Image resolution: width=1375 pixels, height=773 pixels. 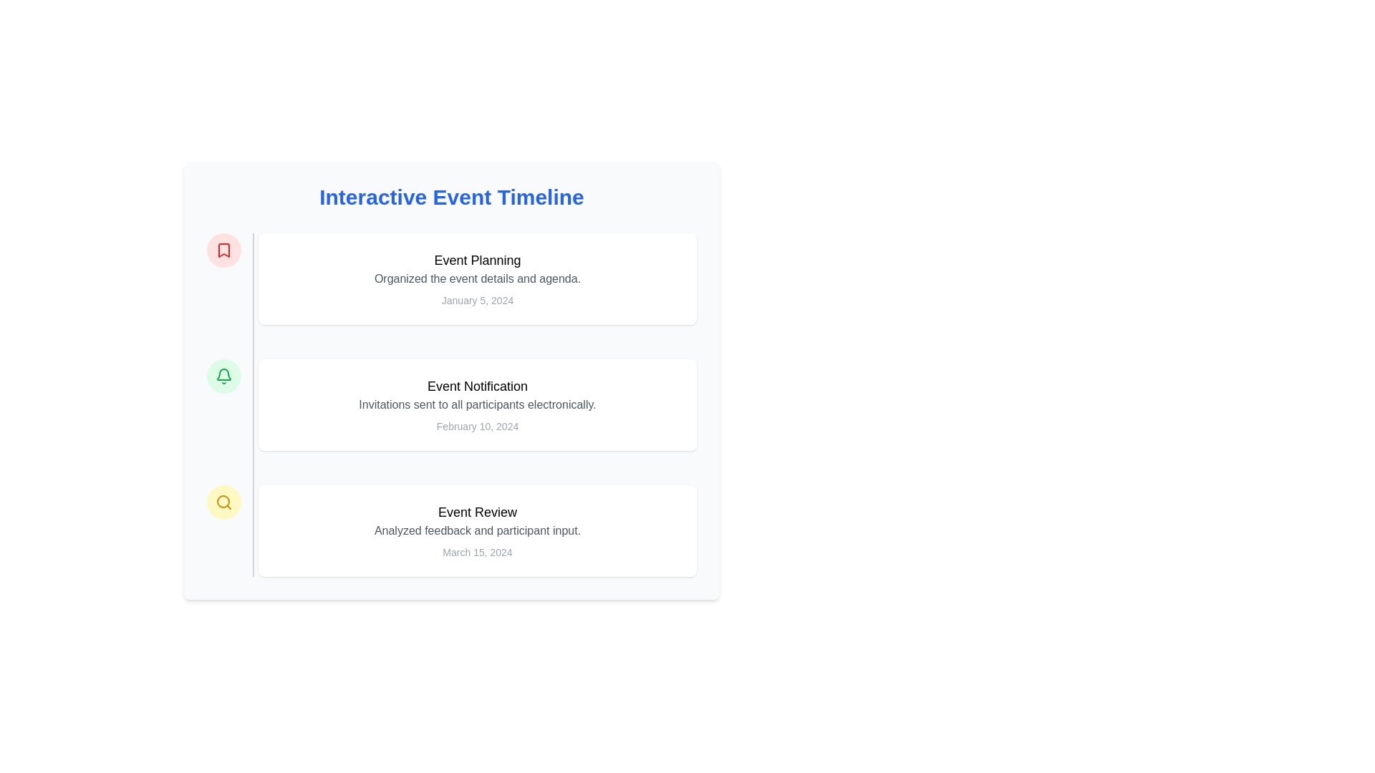 I want to click on the static text label displaying the date 'January 5, 2024' in gray font, located below the description text in the 'Event Planning' section of the timeline, so click(x=478, y=300).